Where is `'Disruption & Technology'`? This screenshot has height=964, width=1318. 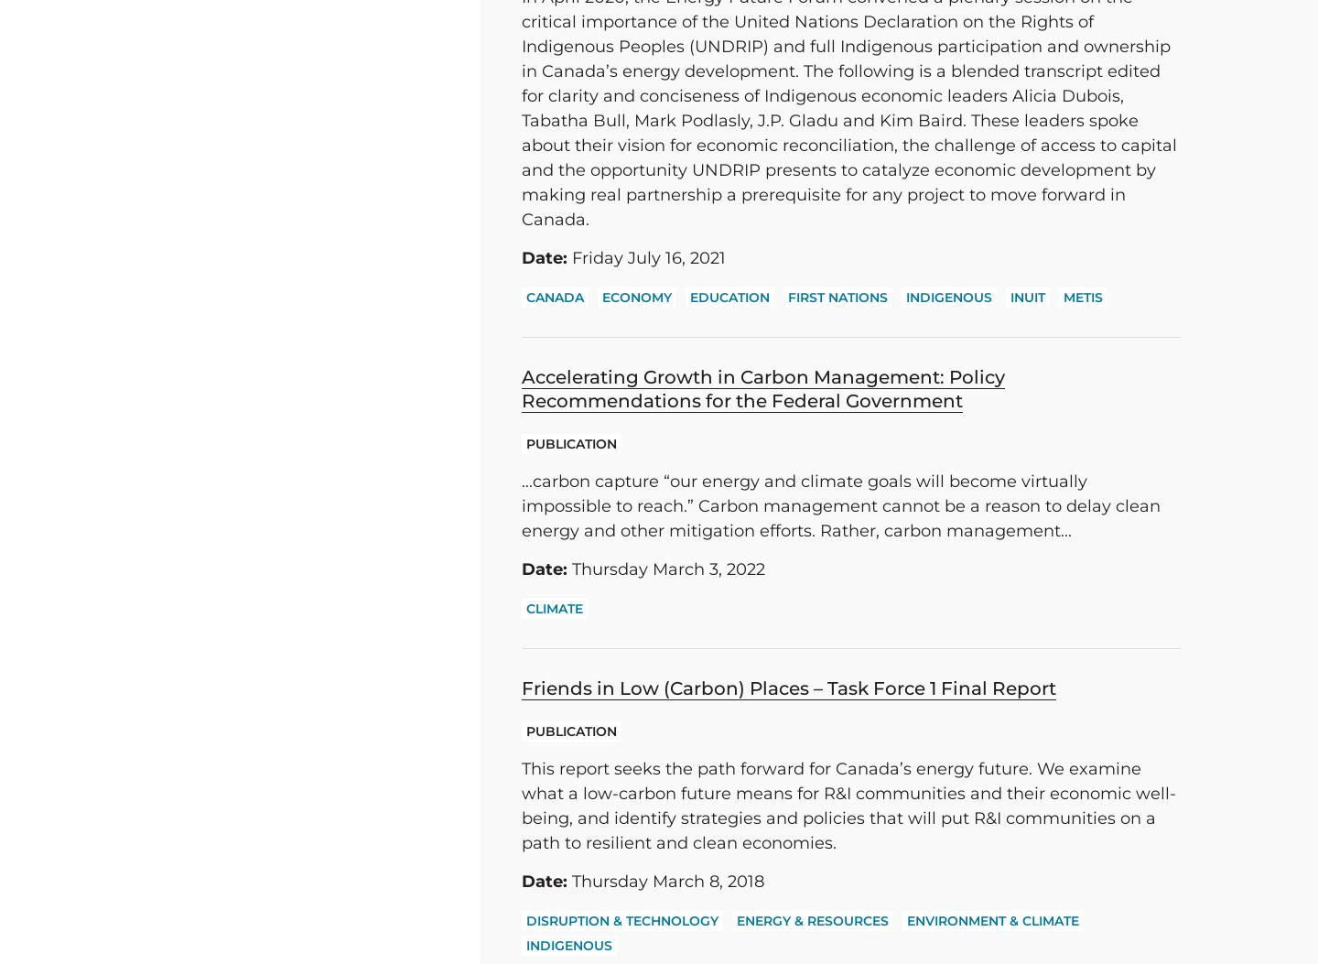
'Disruption & Technology' is located at coordinates (525, 920).